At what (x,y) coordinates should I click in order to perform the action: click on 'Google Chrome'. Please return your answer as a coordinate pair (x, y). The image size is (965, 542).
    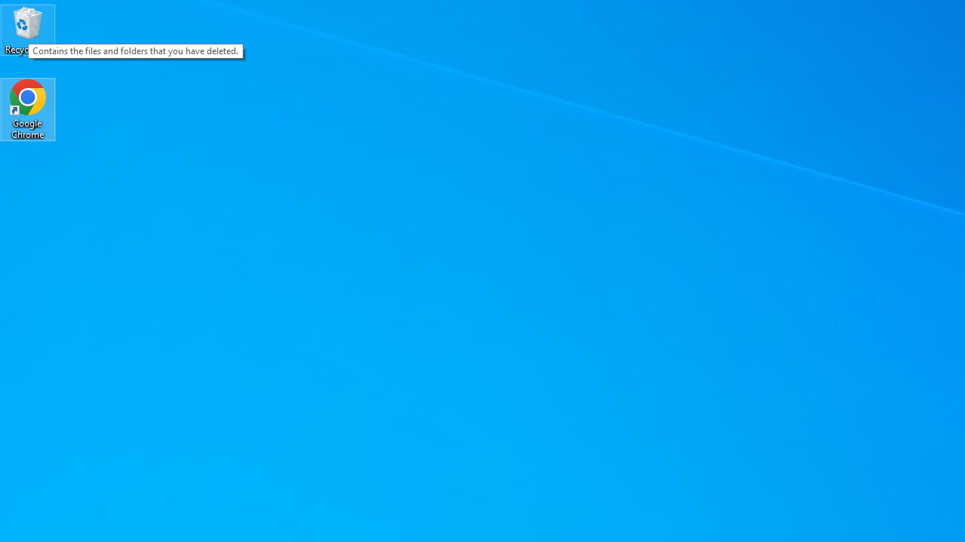
    Looking at the image, I should click on (28, 108).